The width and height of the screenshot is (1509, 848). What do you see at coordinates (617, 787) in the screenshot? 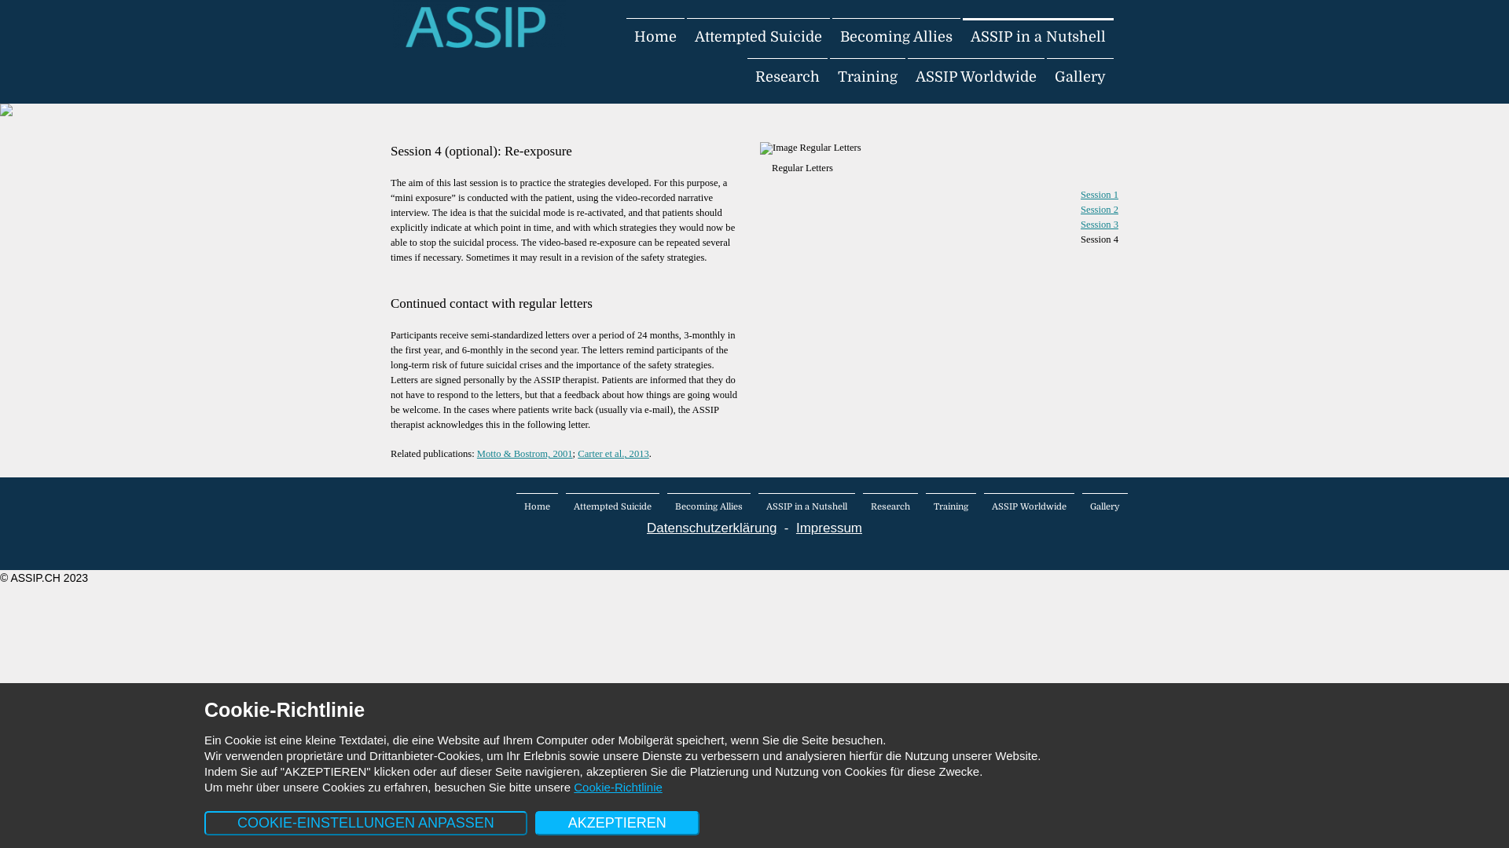
I see `'Cookie-Richtlinie'` at bounding box center [617, 787].